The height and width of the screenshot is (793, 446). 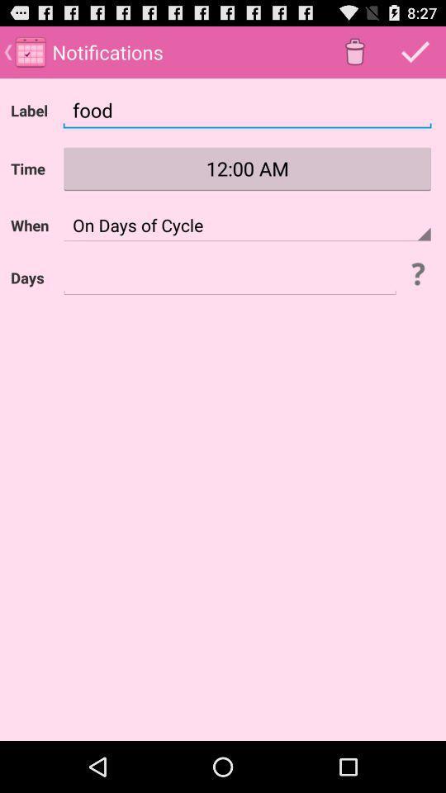 I want to click on date s, so click(x=229, y=278).